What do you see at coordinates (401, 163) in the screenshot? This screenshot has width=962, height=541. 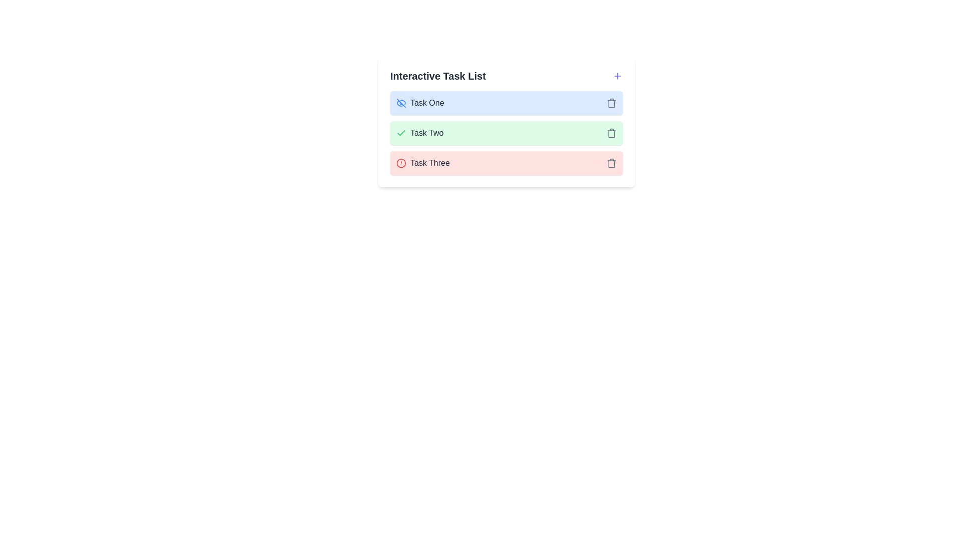 I see `the status indicator icon for 'Task Three'` at bounding box center [401, 163].